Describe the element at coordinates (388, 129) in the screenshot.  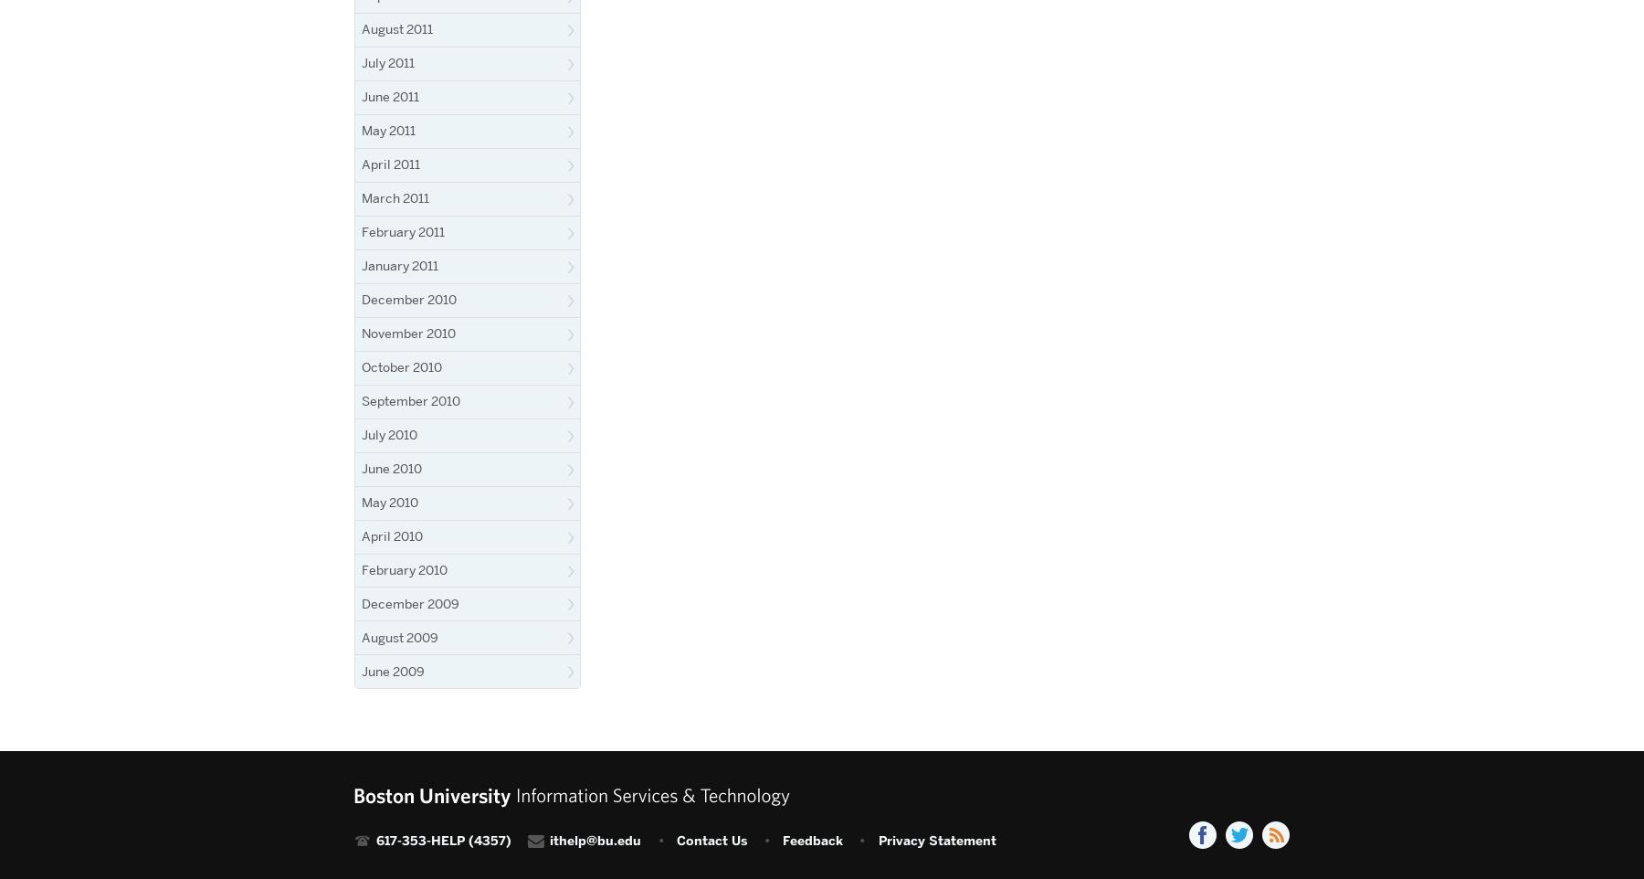
I see `'May 2011'` at that location.